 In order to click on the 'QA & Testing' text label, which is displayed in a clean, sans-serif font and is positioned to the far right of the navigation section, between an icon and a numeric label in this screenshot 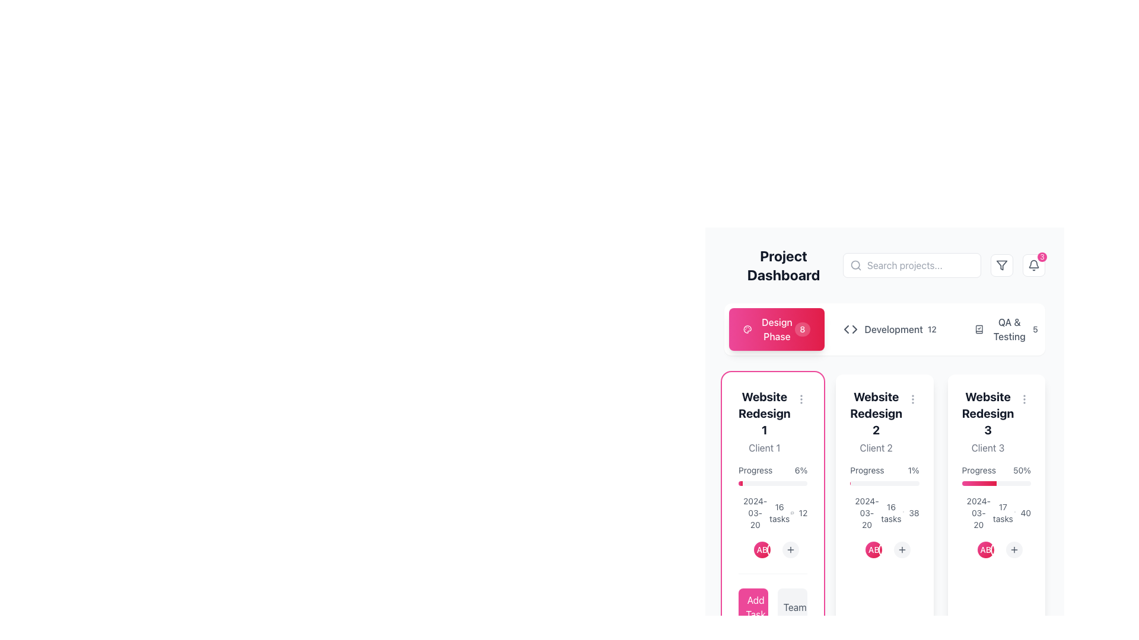, I will do `click(1008, 329)`.